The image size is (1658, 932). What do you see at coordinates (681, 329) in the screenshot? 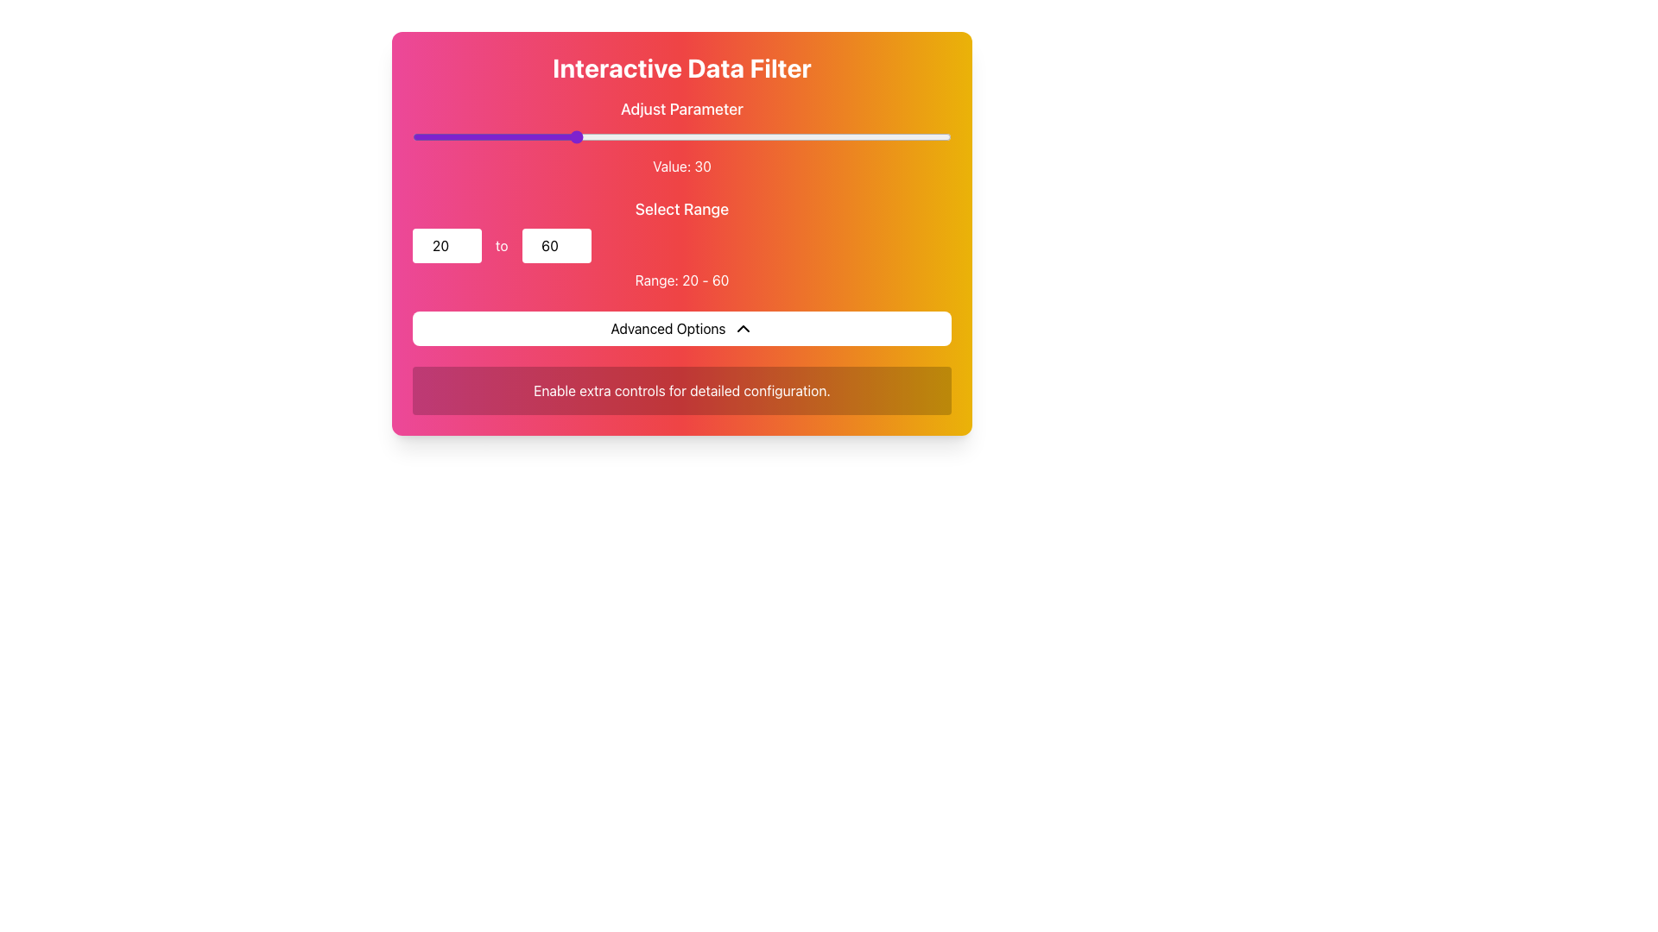
I see `the 'Advanced Options' button, which is a rectangular button with rounded corners, displaying the text 'Advanced Options' in black on a white background, located in the vibrant card layout` at bounding box center [681, 329].